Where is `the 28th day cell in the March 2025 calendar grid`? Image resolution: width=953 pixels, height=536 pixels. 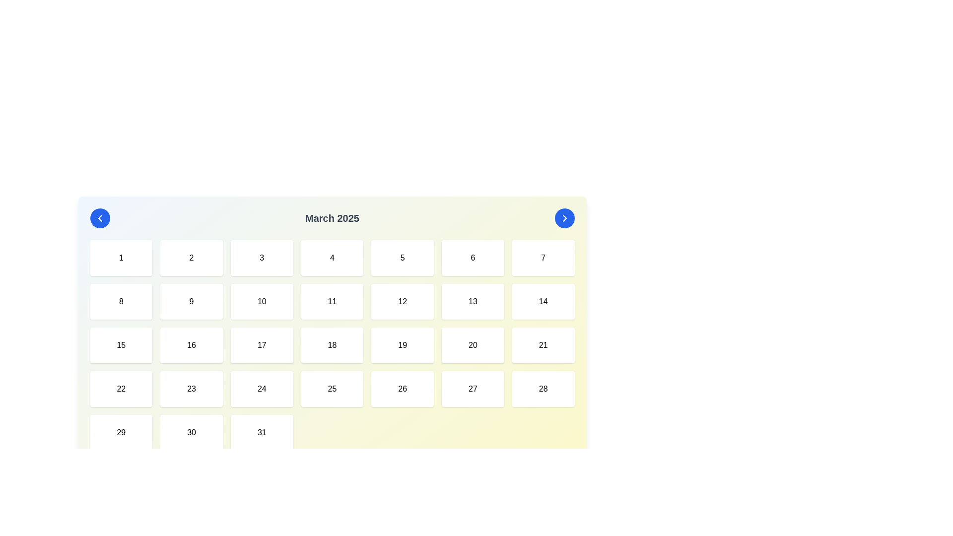
the 28th day cell in the March 2025 calendar grid is located at coordinates (543, 388).